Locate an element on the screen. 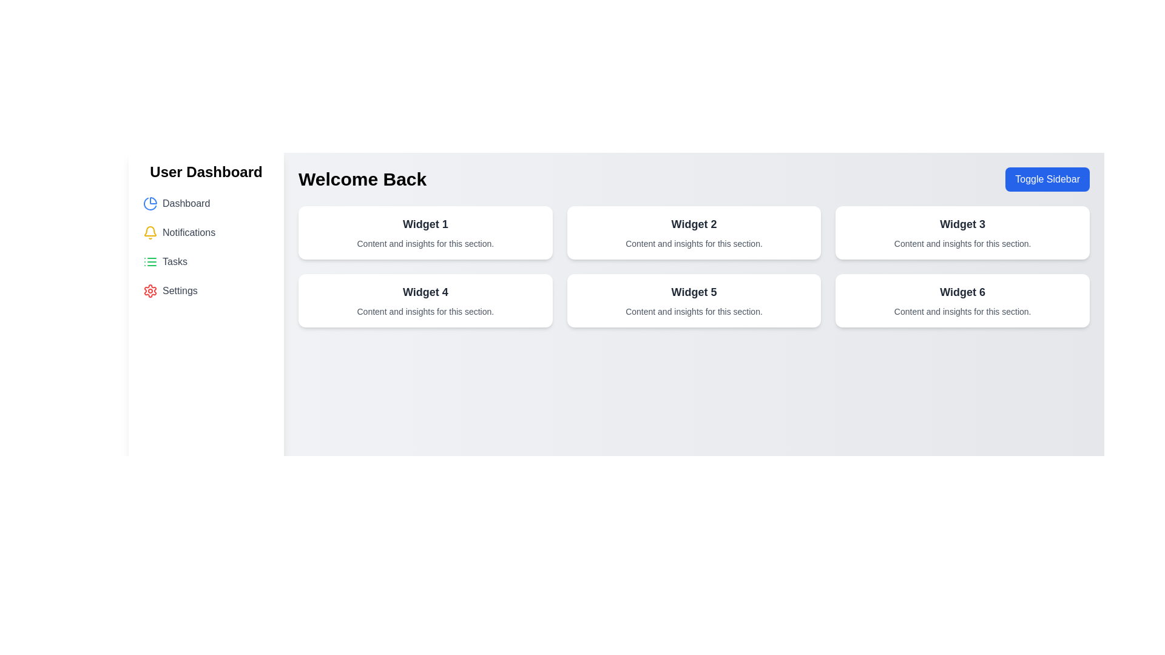 The image size is (1165, 655). the 'Tasks' text label in the left sidebar is located at coordinates (174, 261).